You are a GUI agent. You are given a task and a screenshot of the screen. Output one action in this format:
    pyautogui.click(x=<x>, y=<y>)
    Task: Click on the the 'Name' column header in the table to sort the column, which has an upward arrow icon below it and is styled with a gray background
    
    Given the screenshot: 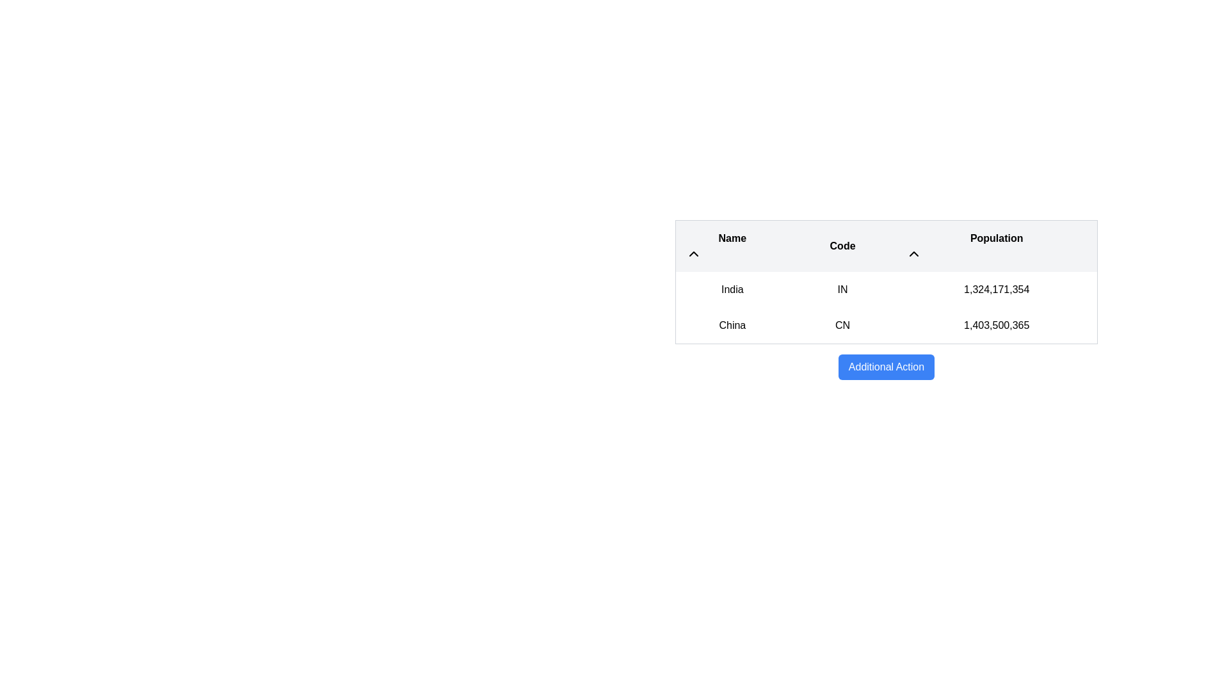 What is the action you would take?
    pyautogui.click(x=732, y=246)
    